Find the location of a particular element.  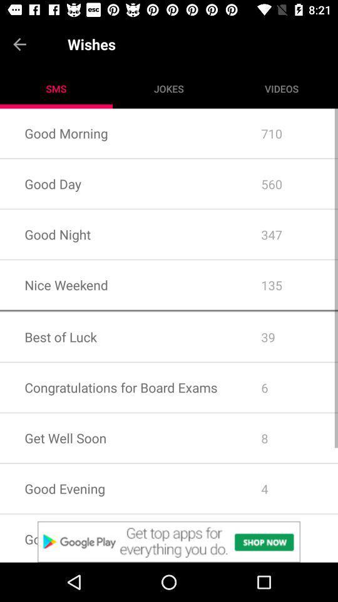

go back is located at coordinates (34, 44).